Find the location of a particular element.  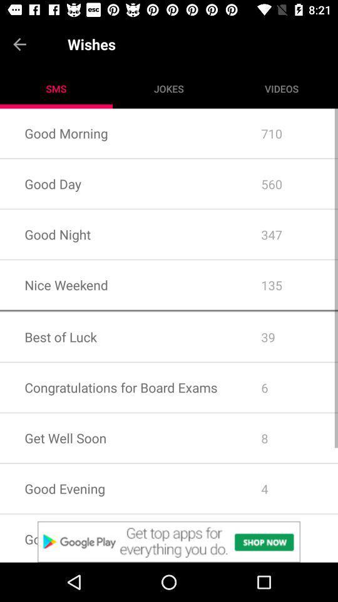

go back is located at coordinates (34, 44).